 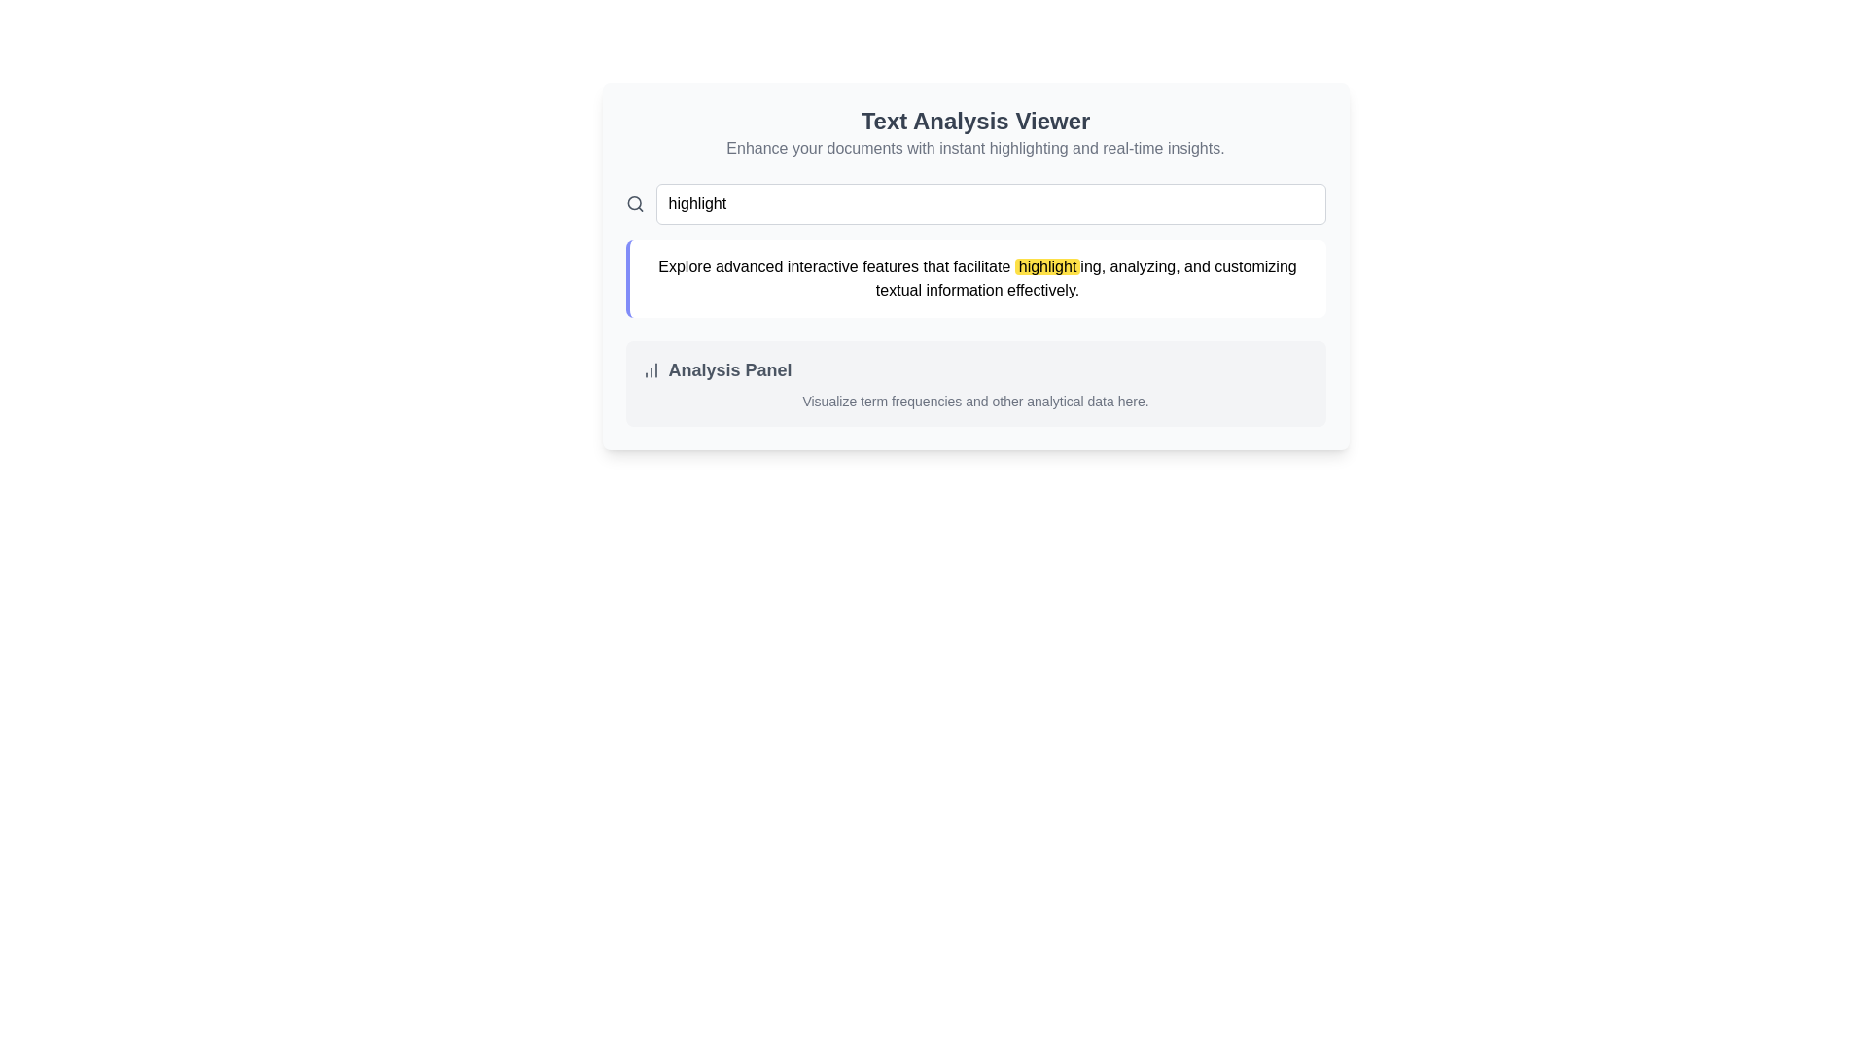 What do you see at coordinates (634, 203) in the screenshot?
I see `the search icon, which resembles a magnifying glass with a dark gray color` at bounding box center [634, 203].